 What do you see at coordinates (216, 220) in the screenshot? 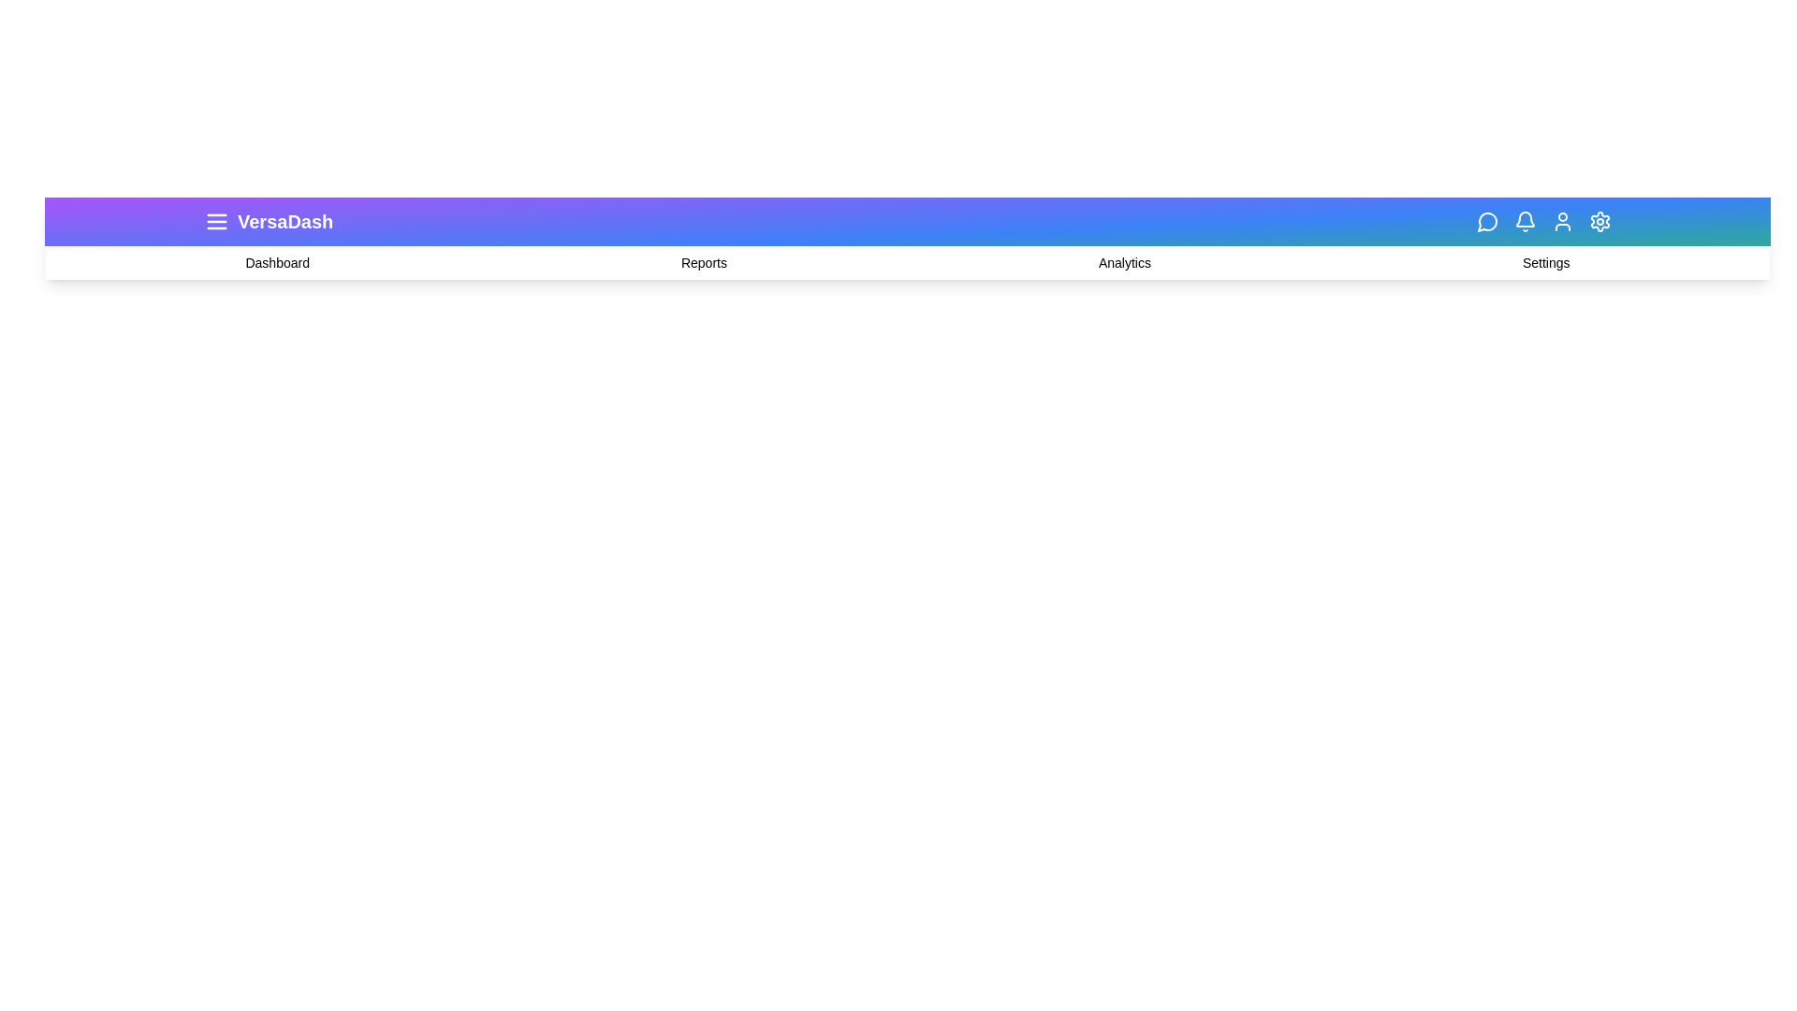
I see `the menu icon to toggle the menu visibility` at bounding box center [216, 220].